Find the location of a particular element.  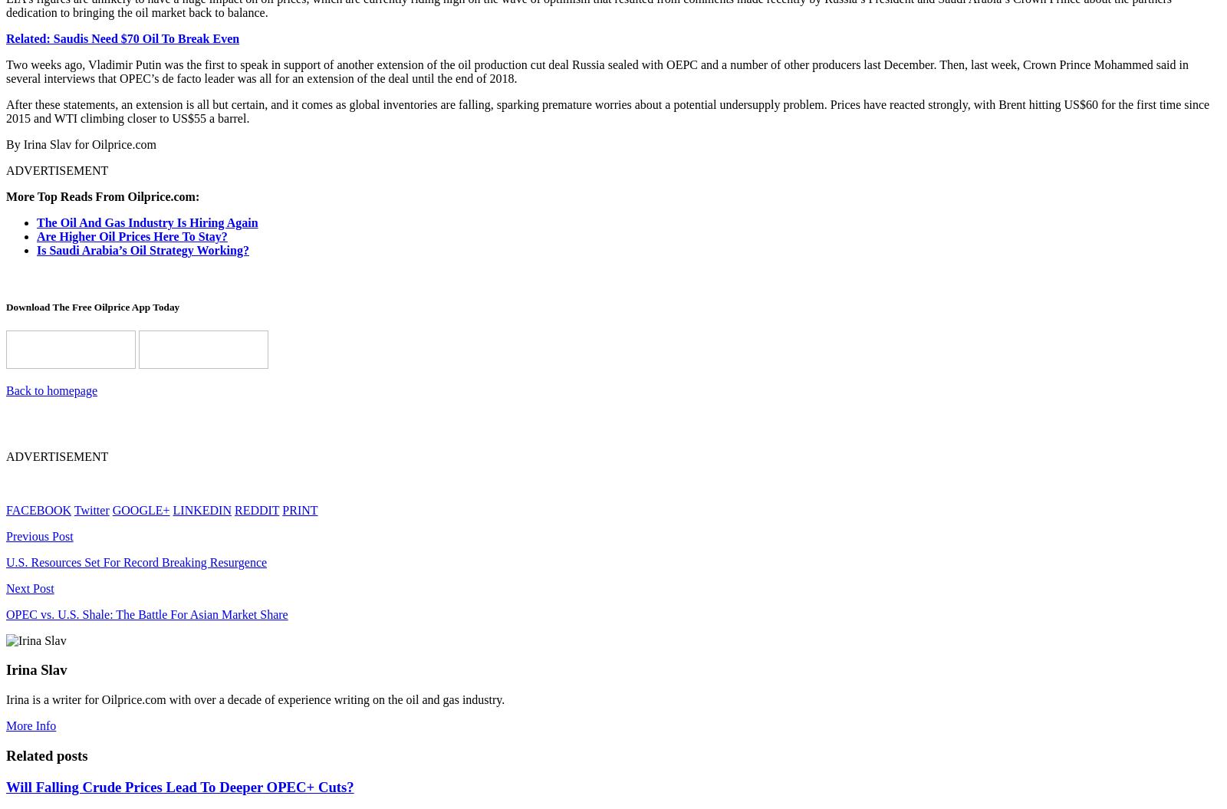

'Twitter' is located at coordinates (90, 508).